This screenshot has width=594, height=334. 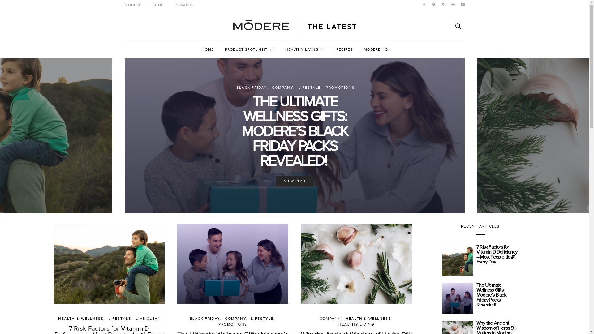 What do you see at coordinates (305, 49) in the screenshot?
I see `'HEALTHY LIVING'` at bounding box center [305, 49].